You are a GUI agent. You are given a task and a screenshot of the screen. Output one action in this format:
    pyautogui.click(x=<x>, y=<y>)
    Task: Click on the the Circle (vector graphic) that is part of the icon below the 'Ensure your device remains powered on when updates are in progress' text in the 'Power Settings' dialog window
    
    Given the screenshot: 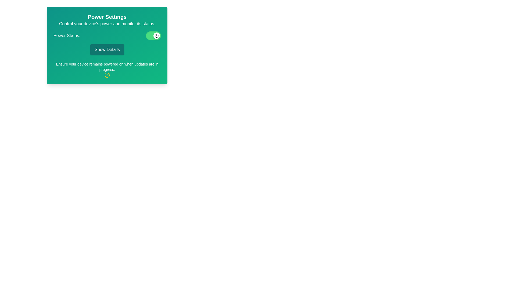 What is the action you would take?
    pyautogui.click(x=107, y=75)
    